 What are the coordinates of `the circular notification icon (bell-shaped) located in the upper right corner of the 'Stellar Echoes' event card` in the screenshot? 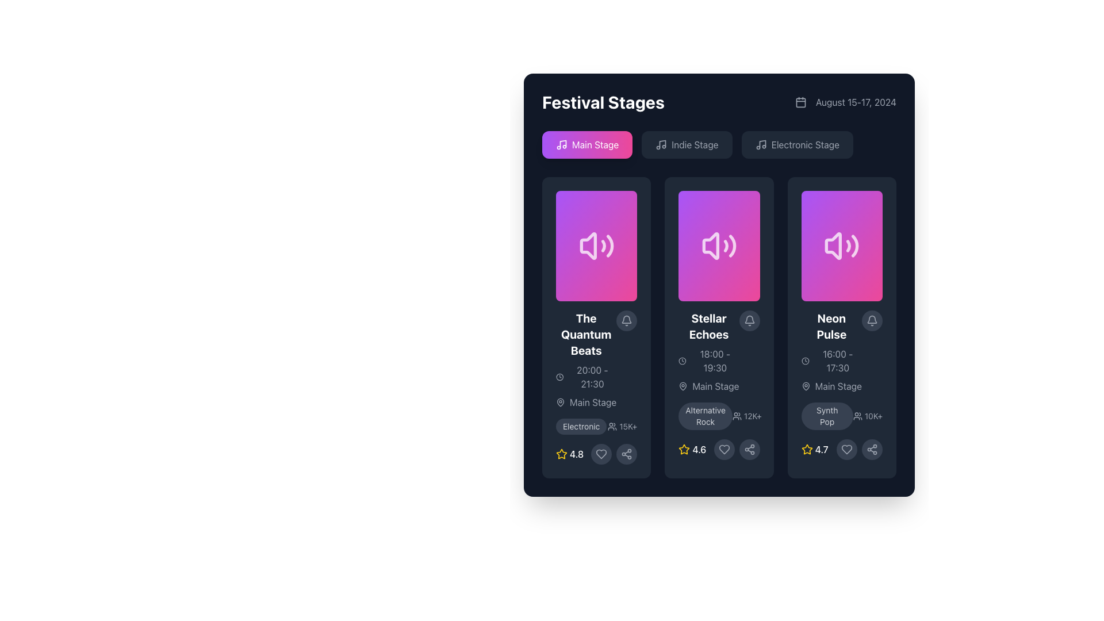 It's located at (749, 321).